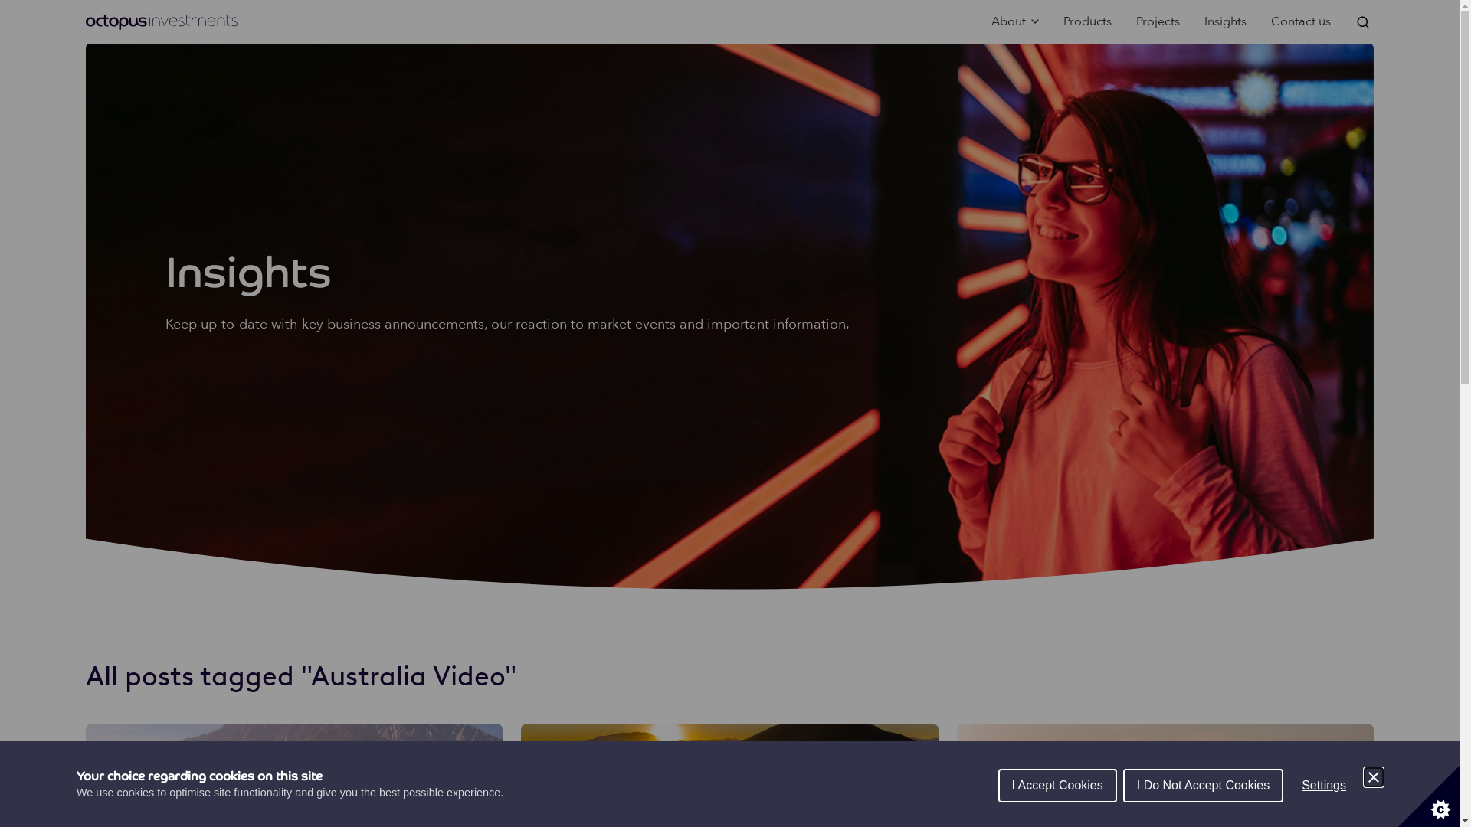 This screenshot has width=1471, height=827. What do you see at coordinates (1086, 21) in the screenshot?
I see `'Products'` at bounding box center [1086, 21].